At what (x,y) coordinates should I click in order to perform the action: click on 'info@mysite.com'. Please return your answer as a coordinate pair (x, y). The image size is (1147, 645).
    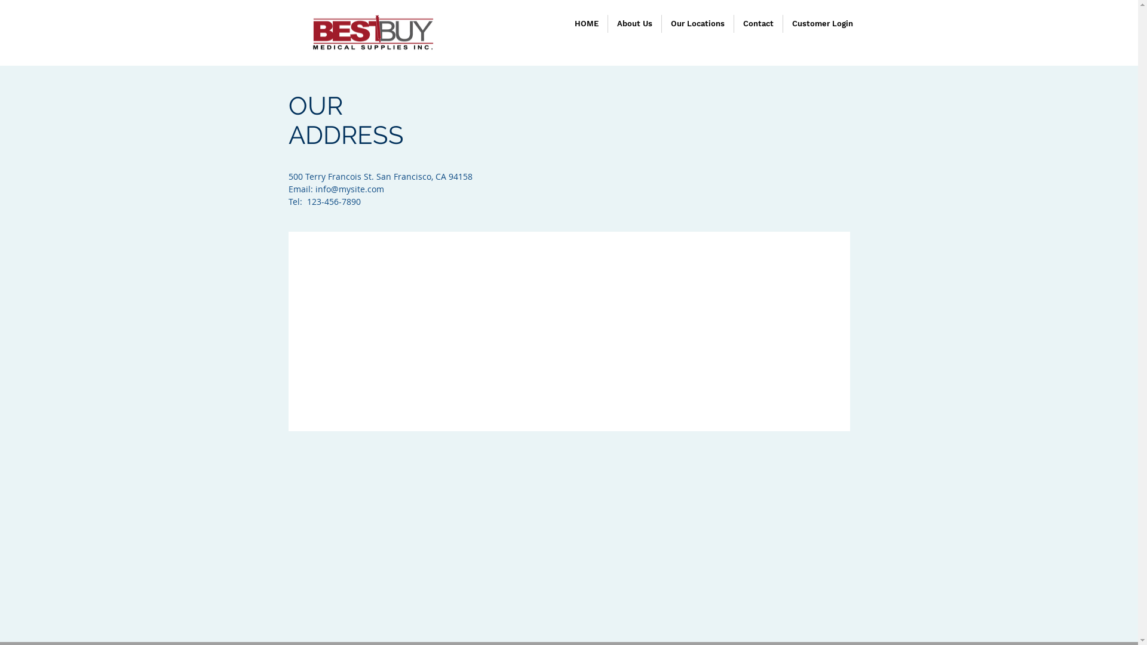
    Looking at the image, I should click on (349, 188).